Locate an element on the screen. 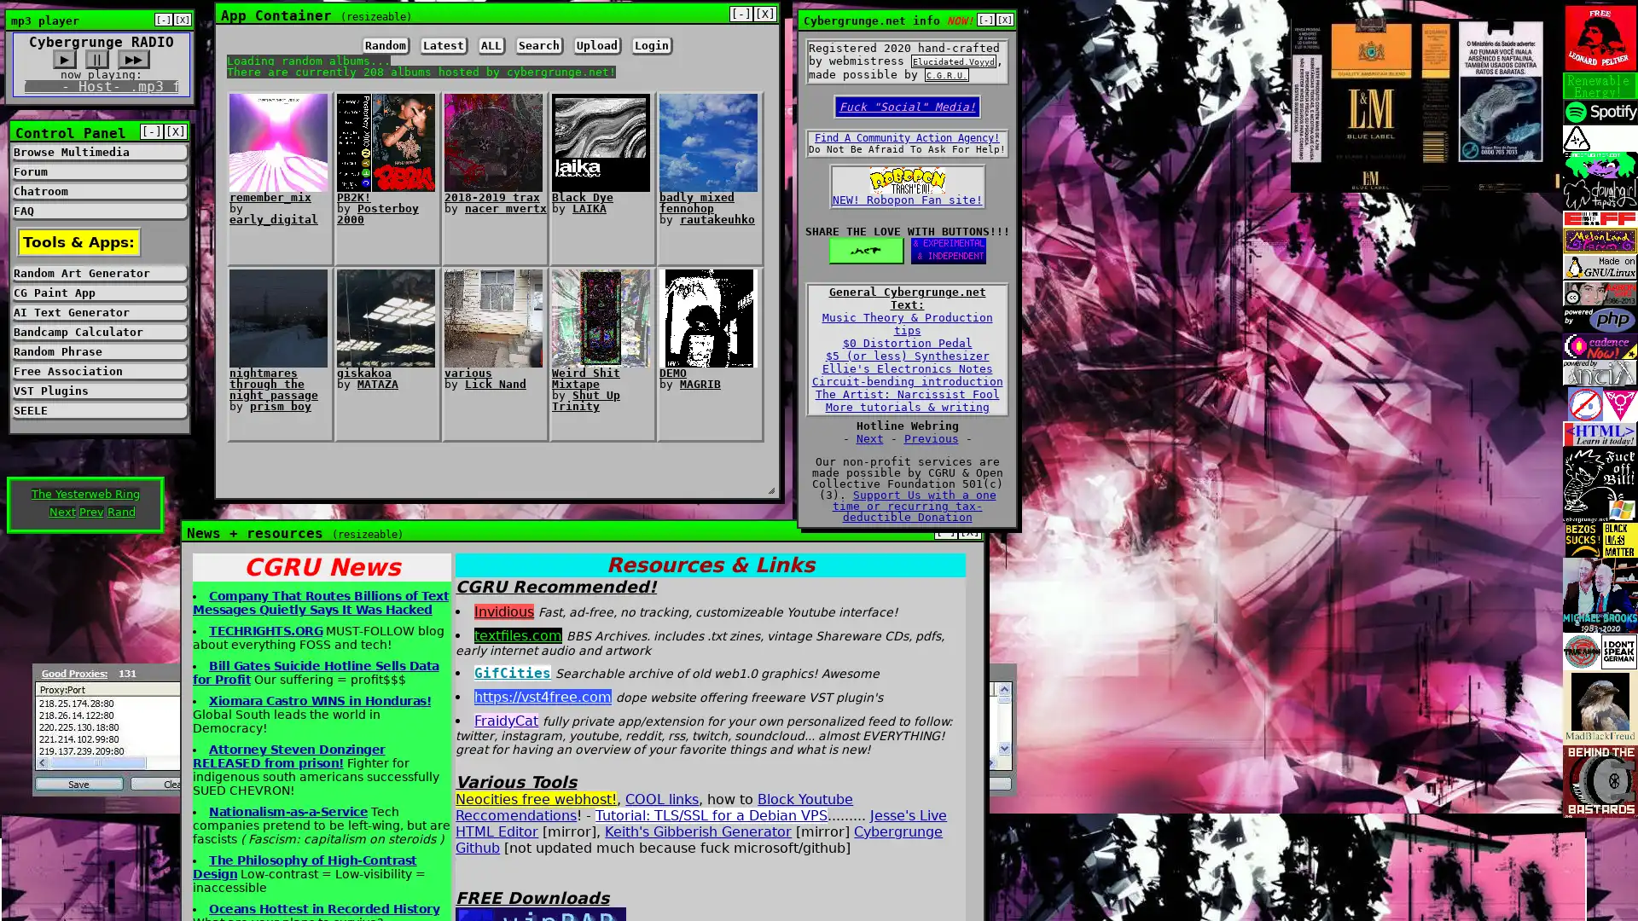 This screenshot has width=1638, height=921. SEELE is located at coordinates (98, 410).